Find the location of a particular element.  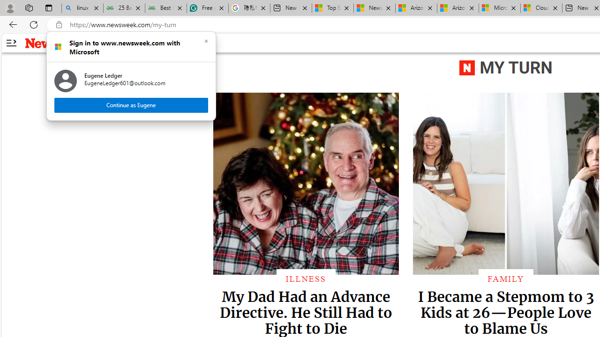

'linux basic - Search' is located at coordinates (82, 8).